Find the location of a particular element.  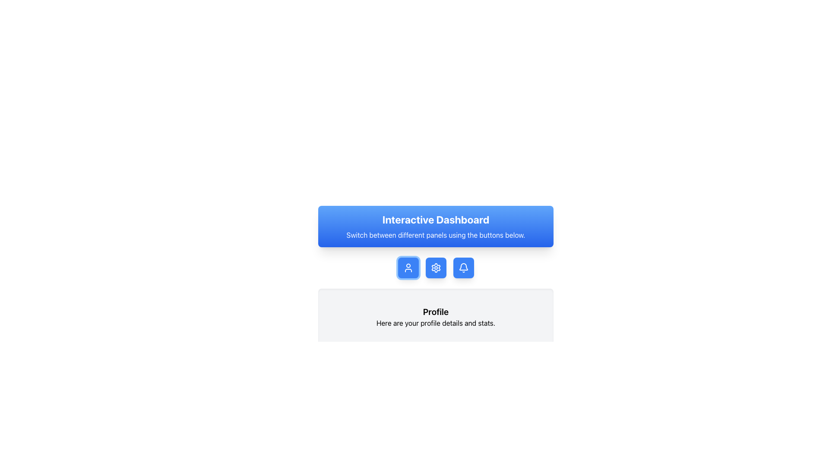

the profile icon located centrally below the 'Interactive Dashboard' banner is located at coordinates (408, 268).